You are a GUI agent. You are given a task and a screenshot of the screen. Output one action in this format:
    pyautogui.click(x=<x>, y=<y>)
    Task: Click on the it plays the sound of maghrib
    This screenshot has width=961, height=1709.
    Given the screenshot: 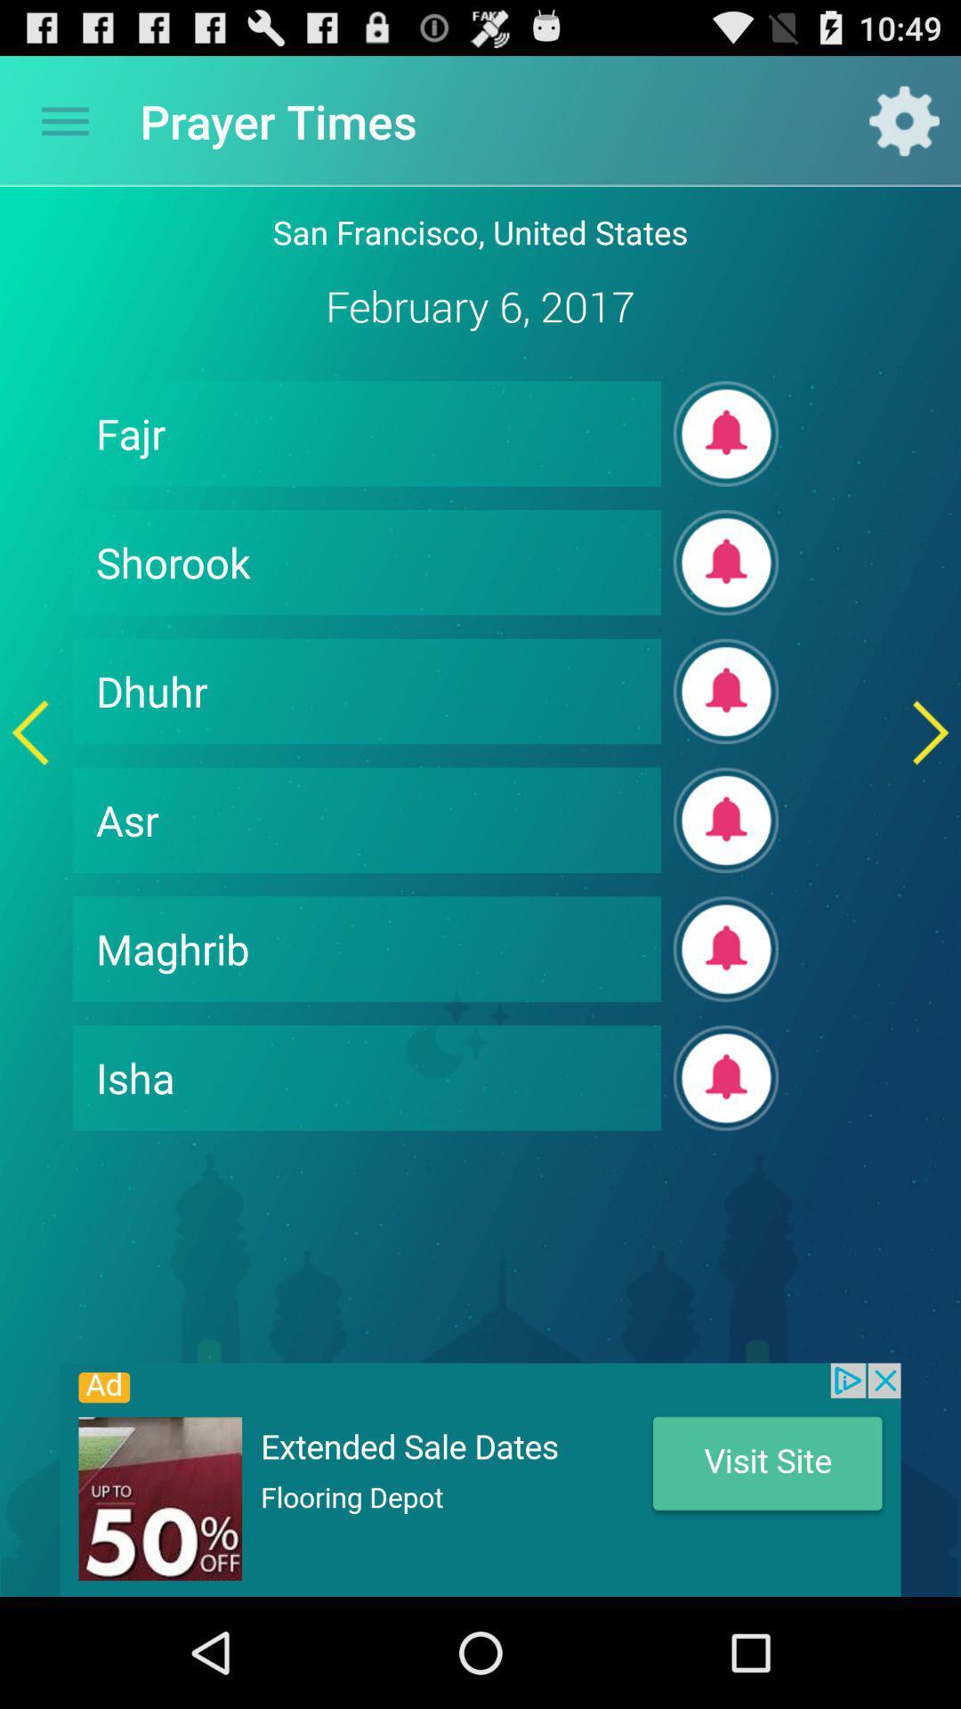 What is the action you would take?
    pyautogui.click(x=726, y=948)
    